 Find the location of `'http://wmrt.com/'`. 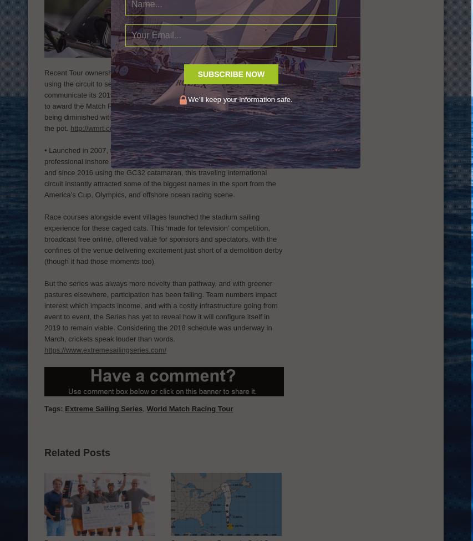

'http://wmrt.com/' is located at coordinates (95, 127).